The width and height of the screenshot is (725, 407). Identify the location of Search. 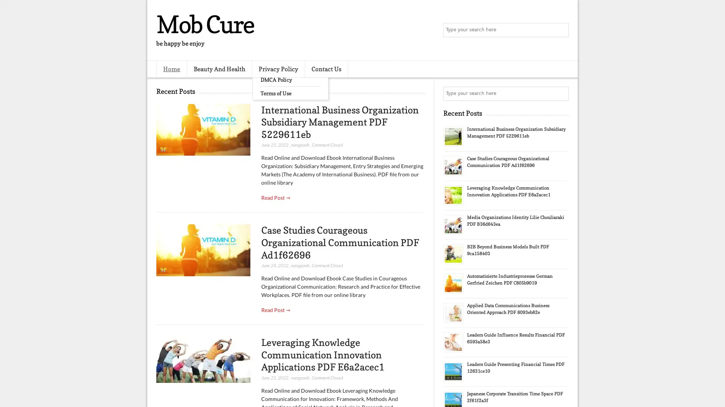
(561, 30).